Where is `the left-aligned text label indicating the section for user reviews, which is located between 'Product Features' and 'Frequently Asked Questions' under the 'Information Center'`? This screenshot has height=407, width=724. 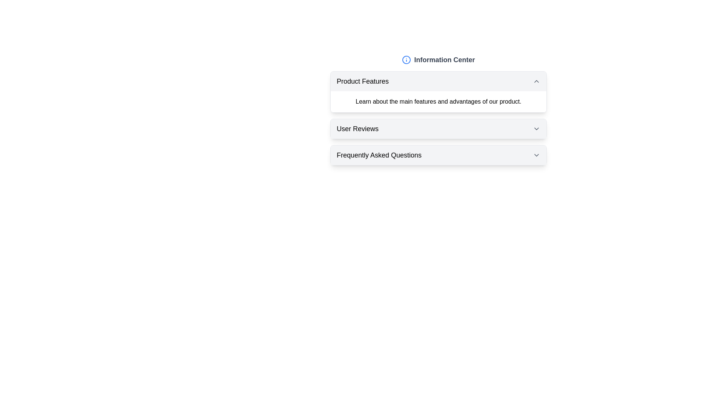
the left-aligned text label indicating the section for user reviews, which is located between 'Product Features' and 'Frequently Asked Questions' under the 'Information Center' is located at coordinates (357, 129).